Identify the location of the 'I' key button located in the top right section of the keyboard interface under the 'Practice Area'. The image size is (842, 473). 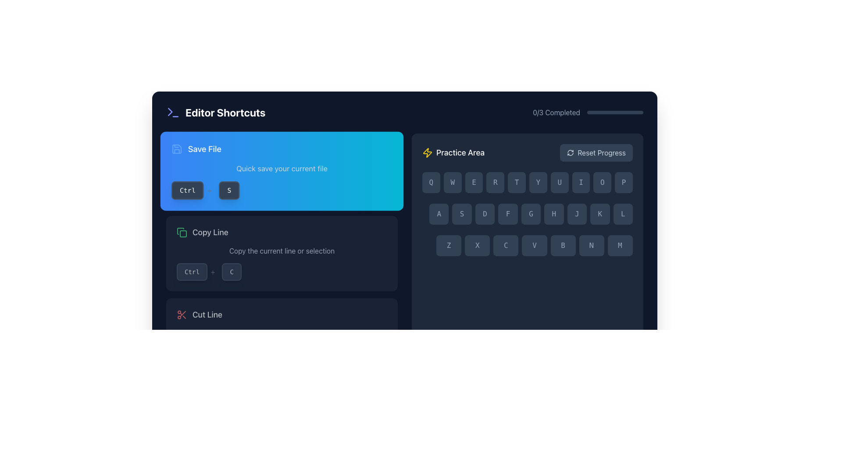
(581, 182).